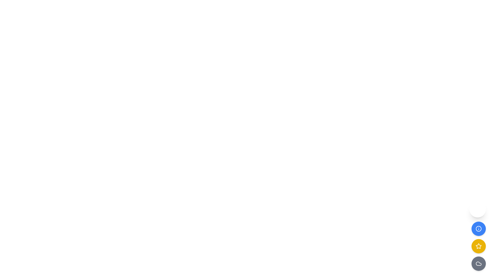 The height and width of the screenshot is (277, 492). What do you see at coordinates (478, 228) in the screenshot?
I see `the topmost Icon button in the vertical stack on the right side of the interface` at bounding box center [478, 228].